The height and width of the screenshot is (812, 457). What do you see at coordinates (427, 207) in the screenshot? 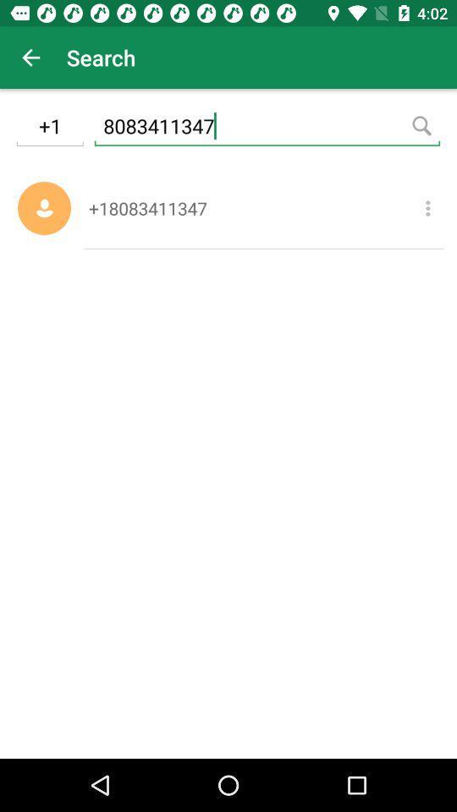
I see `the item to the right of the +18083411347 icon` at bounding box center [427, 207].